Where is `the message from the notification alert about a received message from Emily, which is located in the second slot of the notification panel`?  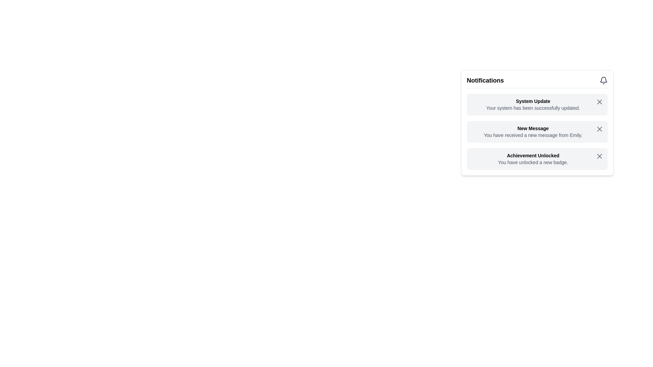 the message from the notification alert about a received message from Emily, which is located in the second slot of the notification panel is located at coordinates (533, 132).